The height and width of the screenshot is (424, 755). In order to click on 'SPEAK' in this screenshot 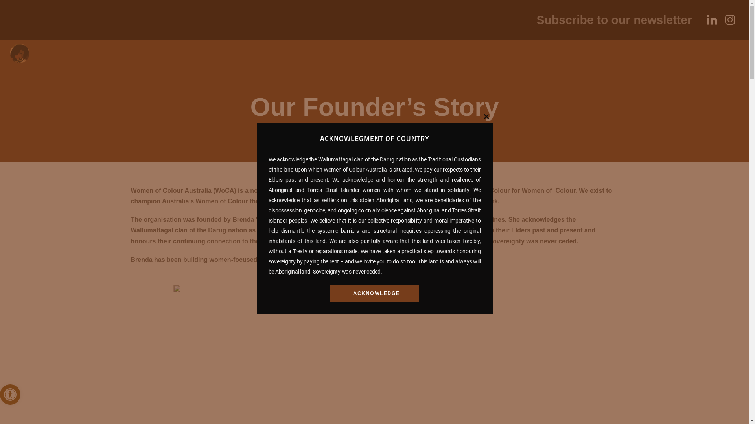, I will do `click(517, 58)`.